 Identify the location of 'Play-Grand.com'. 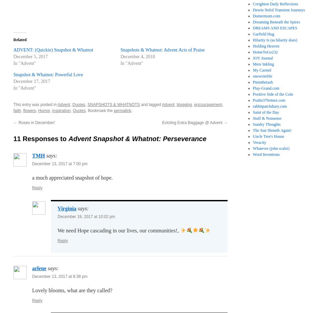
(266, 88).